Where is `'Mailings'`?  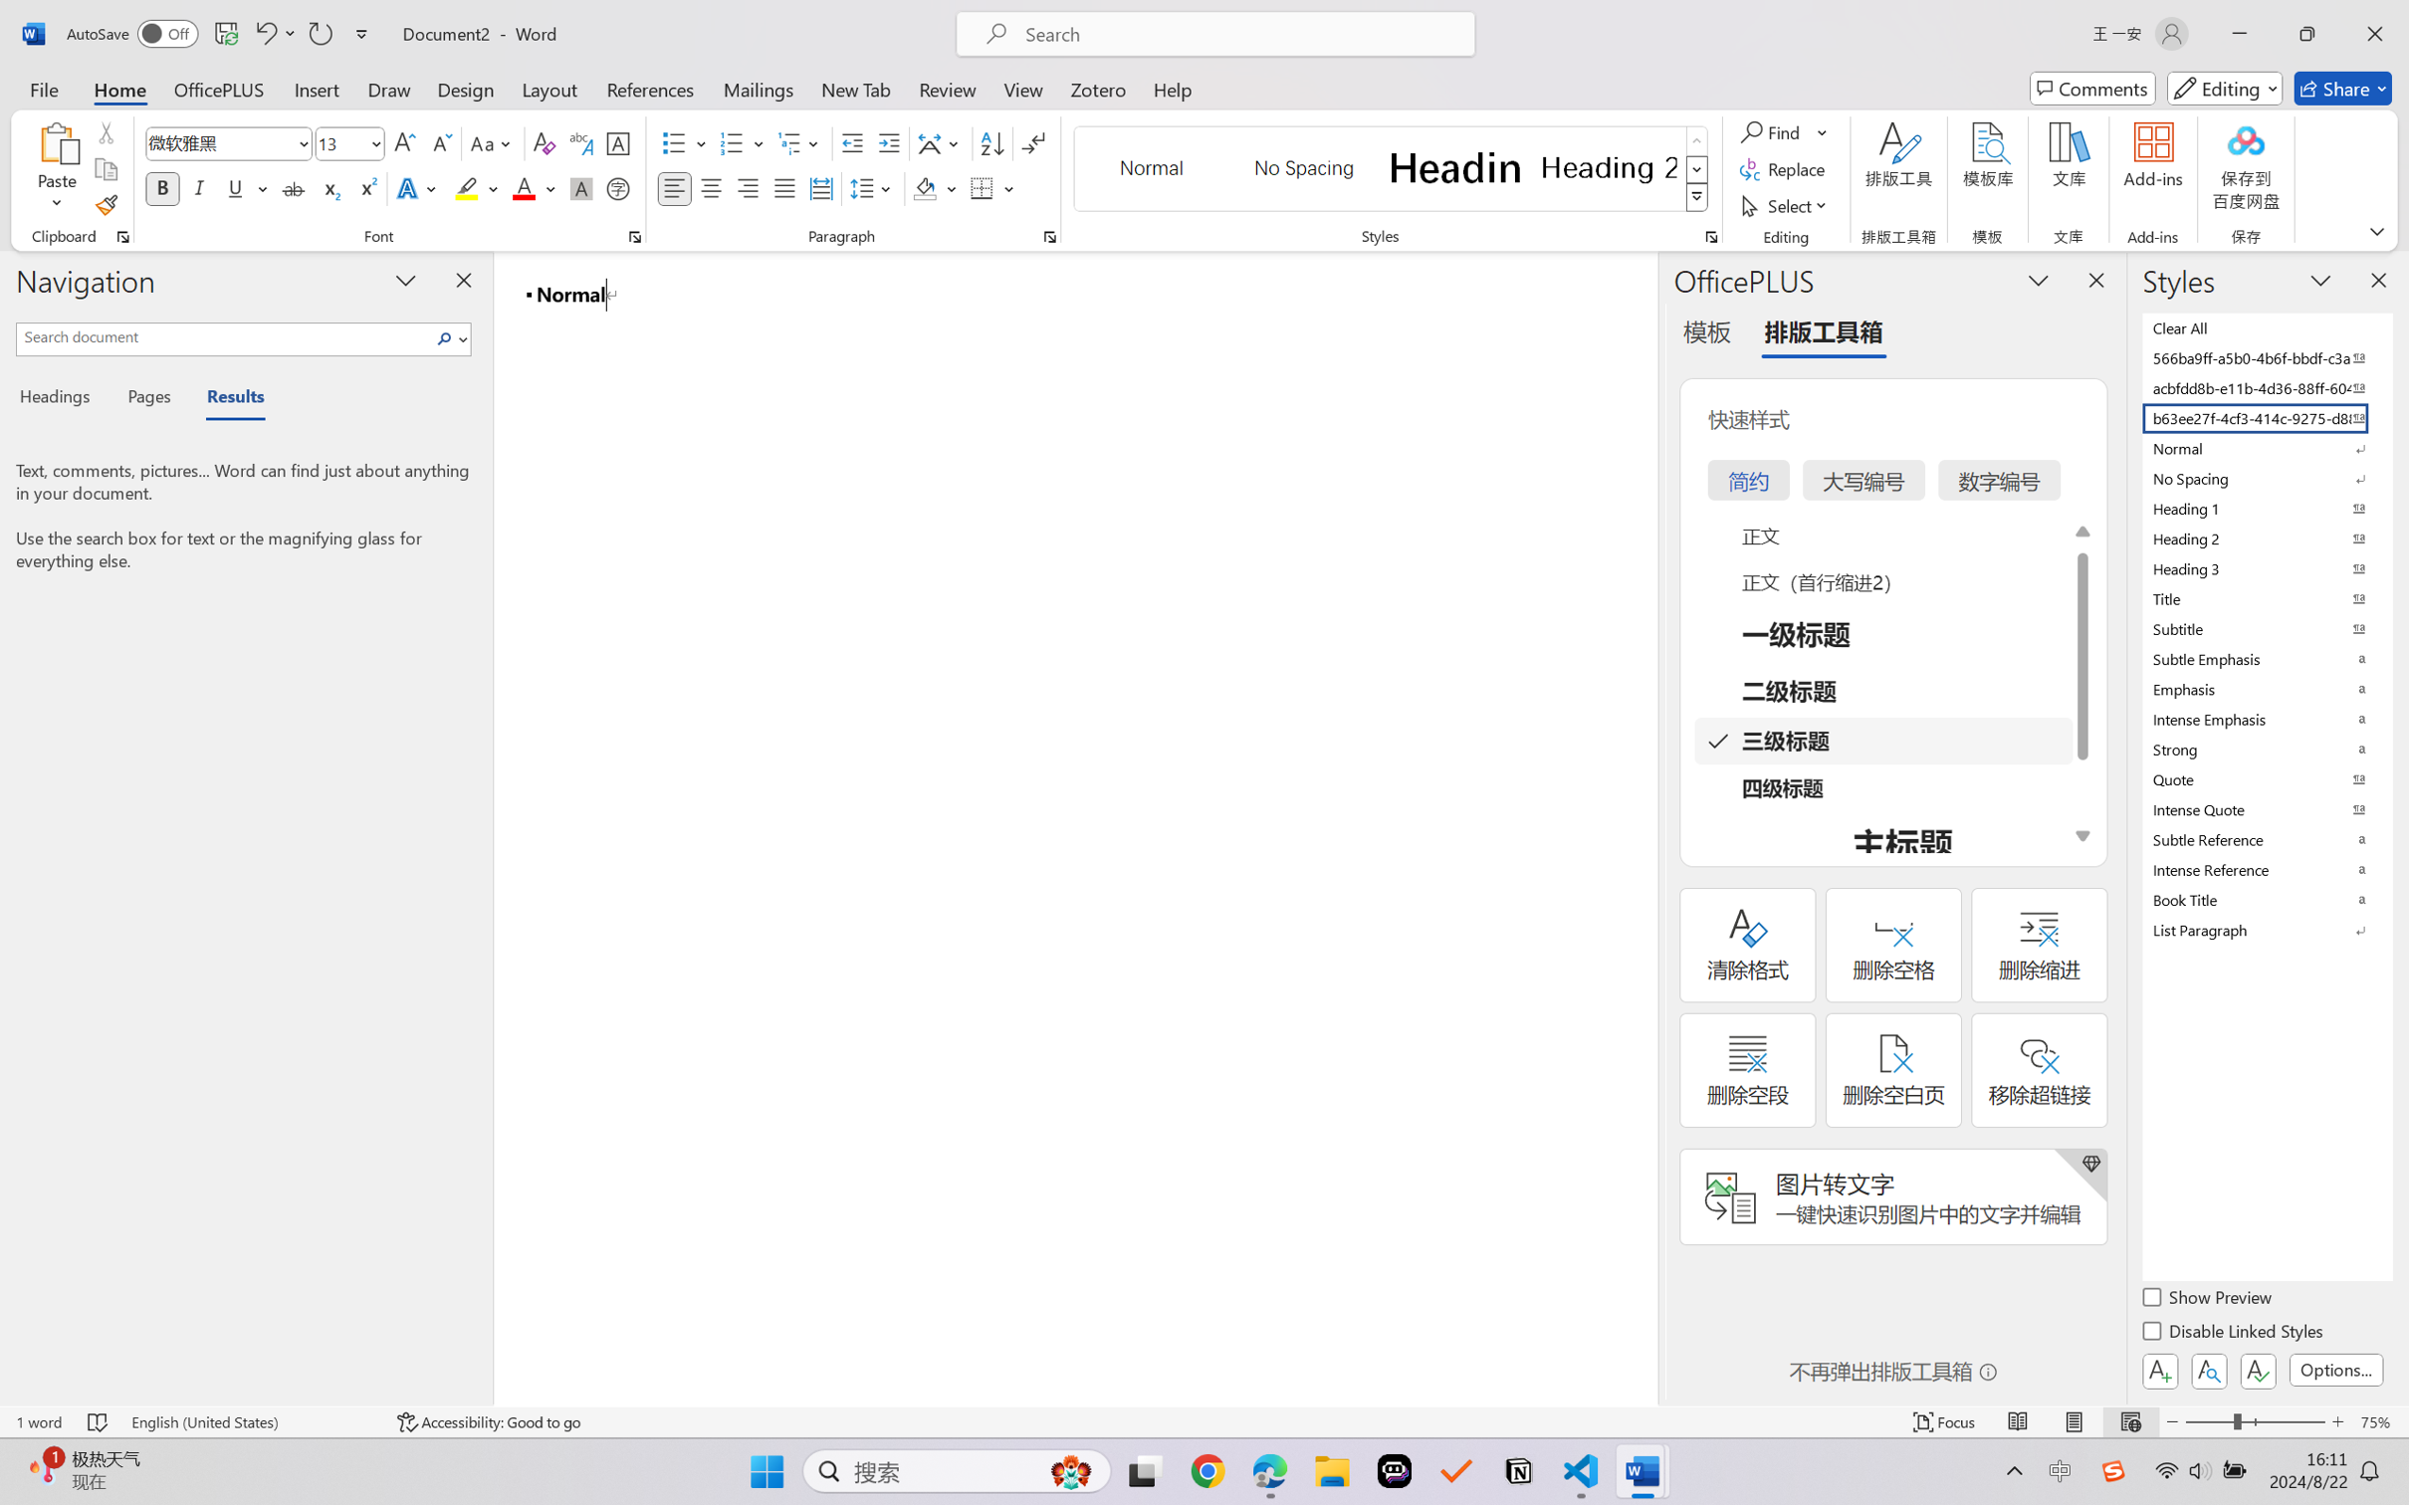 'Mailings' is located at coordinates (759, 88).